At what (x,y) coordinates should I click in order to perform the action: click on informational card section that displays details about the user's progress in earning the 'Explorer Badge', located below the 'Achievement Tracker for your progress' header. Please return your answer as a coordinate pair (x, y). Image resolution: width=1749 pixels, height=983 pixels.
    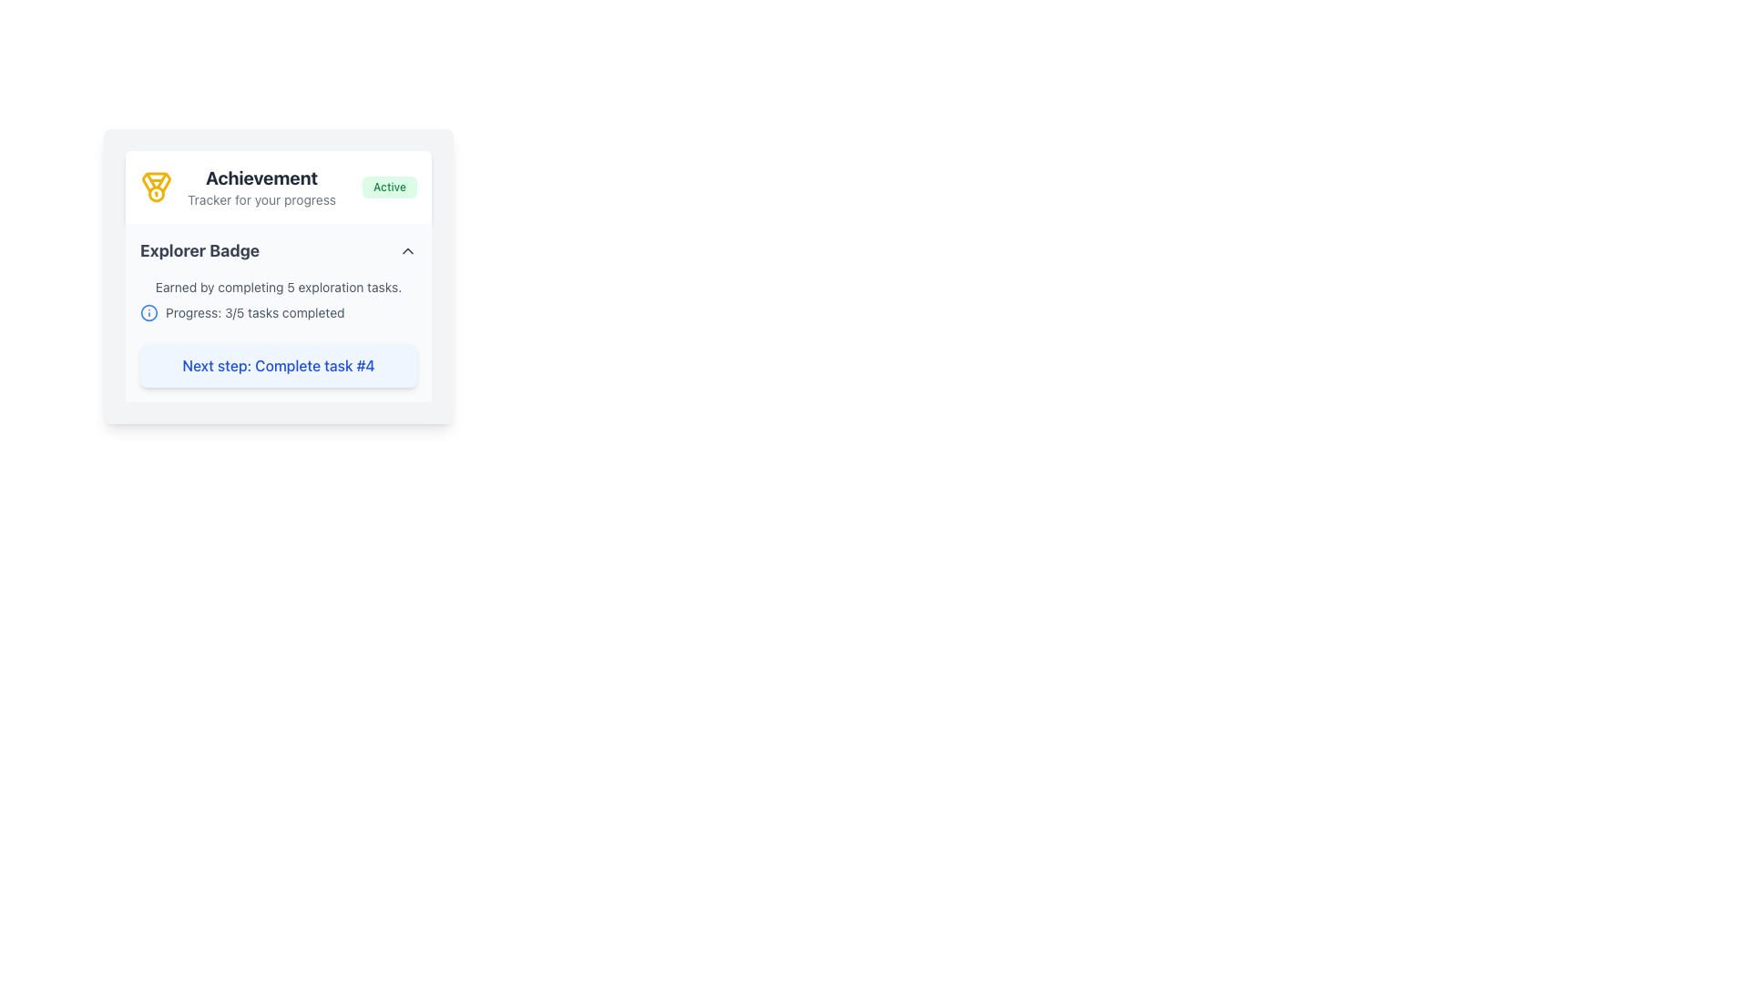
    Looking at the image, I should click on (278, 311).